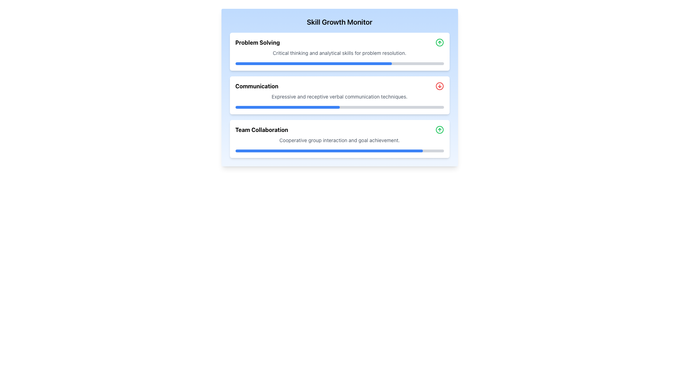  Describe the element at coordinates (313, 64) in the screenshot. I see `the blue solid color progress bar segment with rounded edges that is located underneath the 'Problem Solving' title, representing a completed segment of the progress bar` at that location.